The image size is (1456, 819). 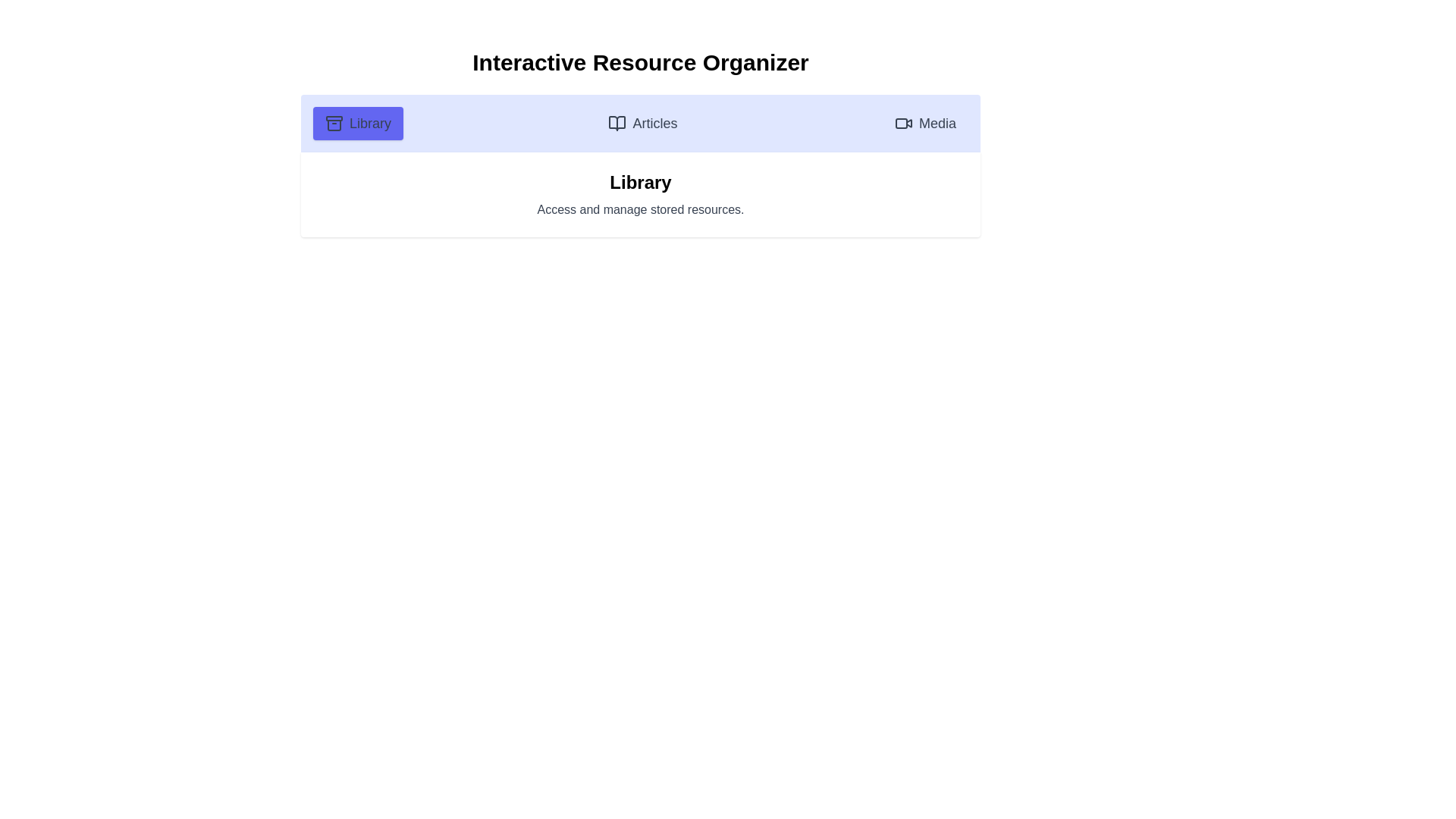 What do you see at coordinates (356, 122) in the screenshot?
I see `the Library tab` at bounding box center [356, 122].